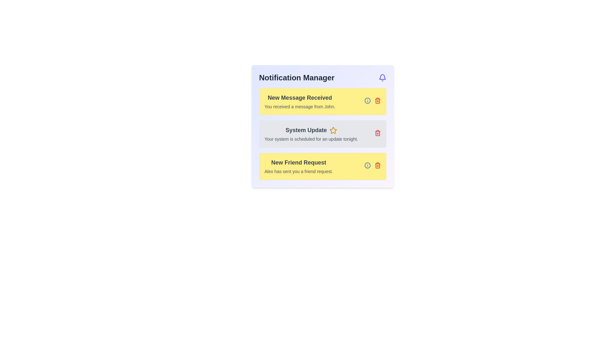  What do you see at coordinates (377, 165) in the screenshot?
I see `the red trash can icon button located in the top-right corner of the 'New Friend Request' yellow card` at bounding box center [377, 165].